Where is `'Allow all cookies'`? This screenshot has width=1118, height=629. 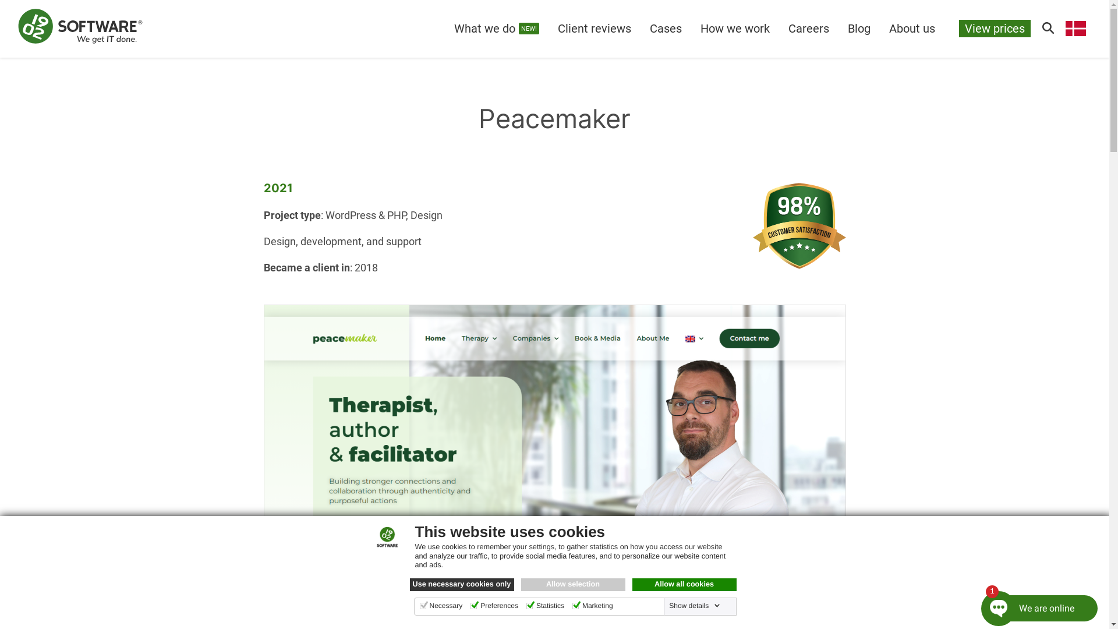
'Allow all cookies' is located at coordinates (684, 584).